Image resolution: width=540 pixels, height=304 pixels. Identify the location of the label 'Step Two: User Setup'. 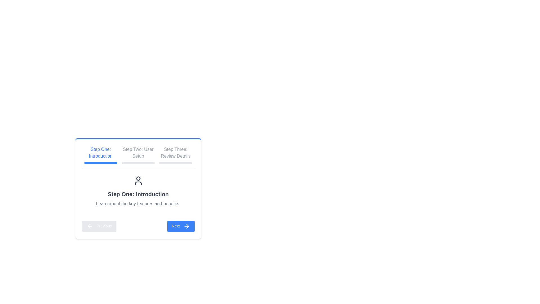
(138, 155).